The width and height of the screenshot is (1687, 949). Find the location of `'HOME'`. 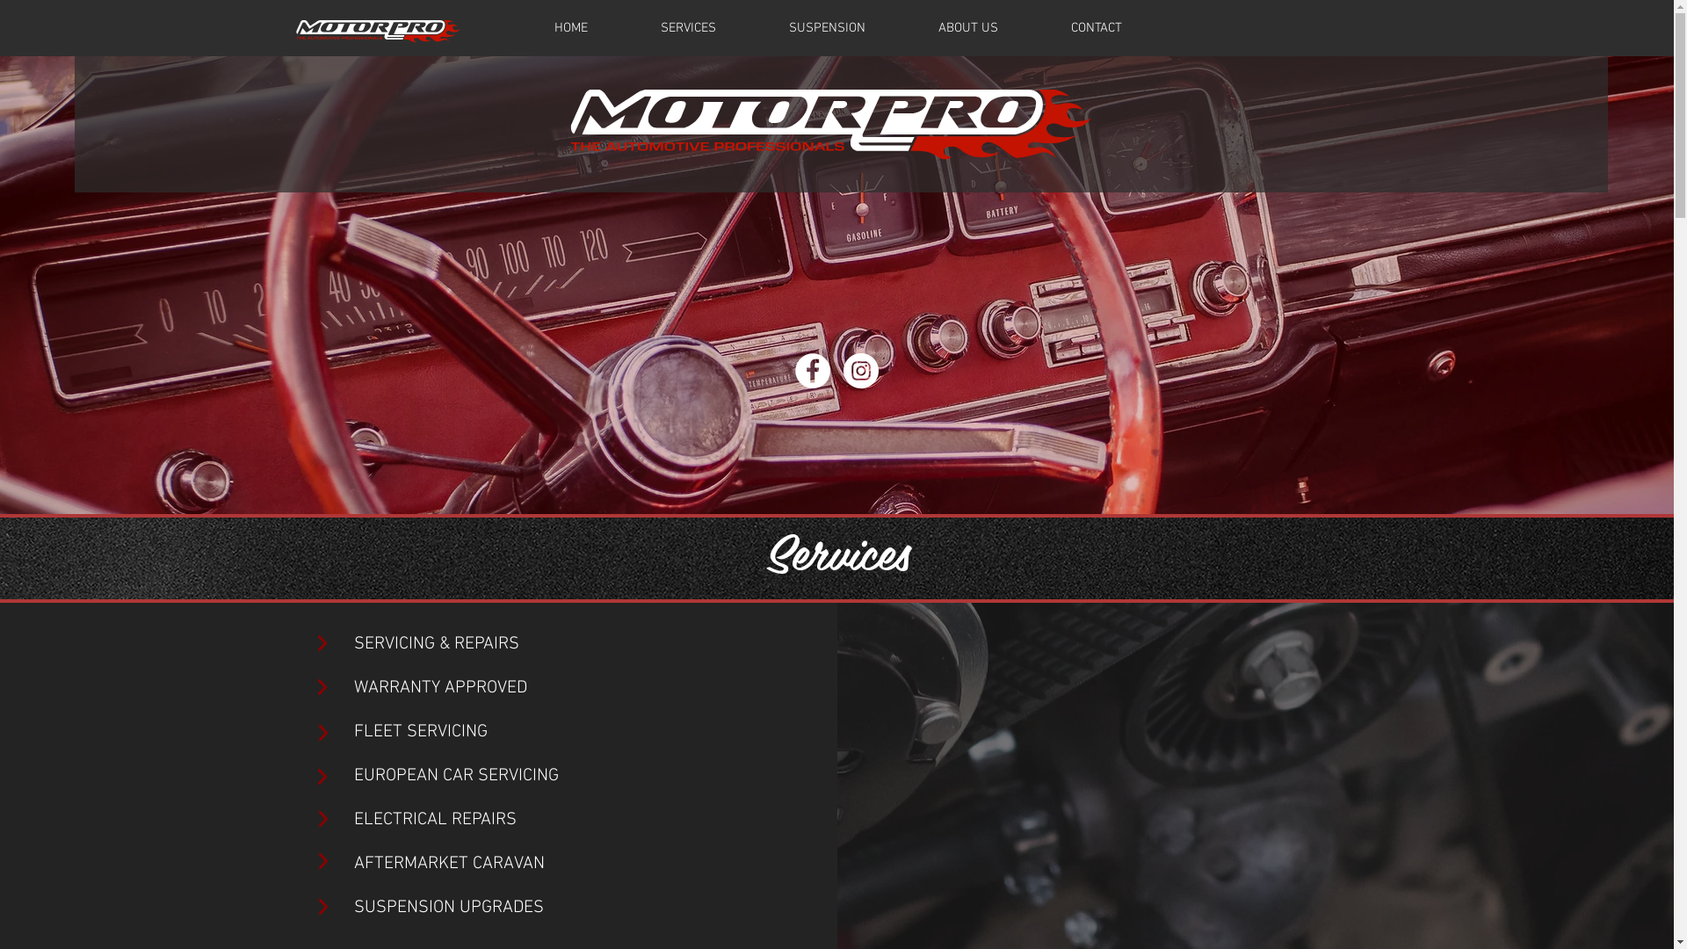

'HOME' is located at coordinates (569, 27).